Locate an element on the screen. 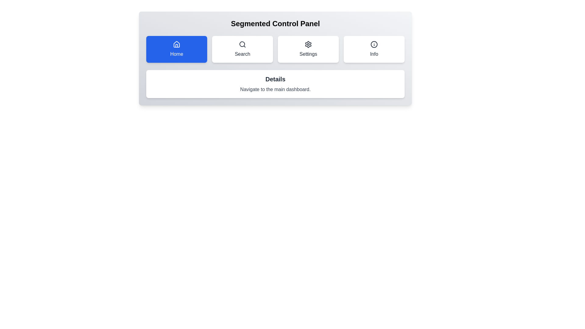 This screenshot has width=585, height=329. the Text label that serves as a description for the associated icon above it, located within the fourth button of a segmented control row is located at coordinates (374, 54).